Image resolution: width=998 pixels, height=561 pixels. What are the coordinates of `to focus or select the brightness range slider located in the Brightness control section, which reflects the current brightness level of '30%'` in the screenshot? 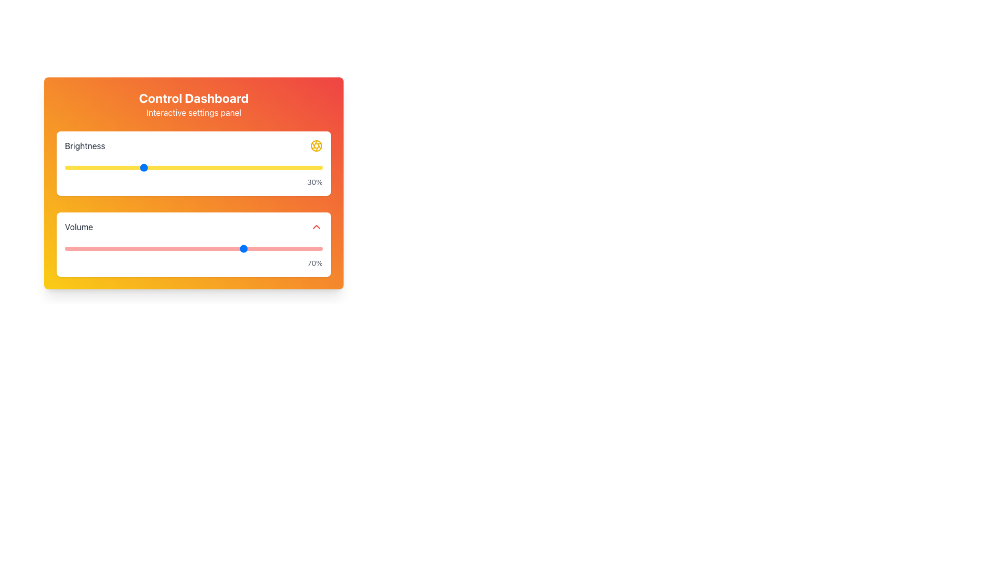 It's located at (194, 167).